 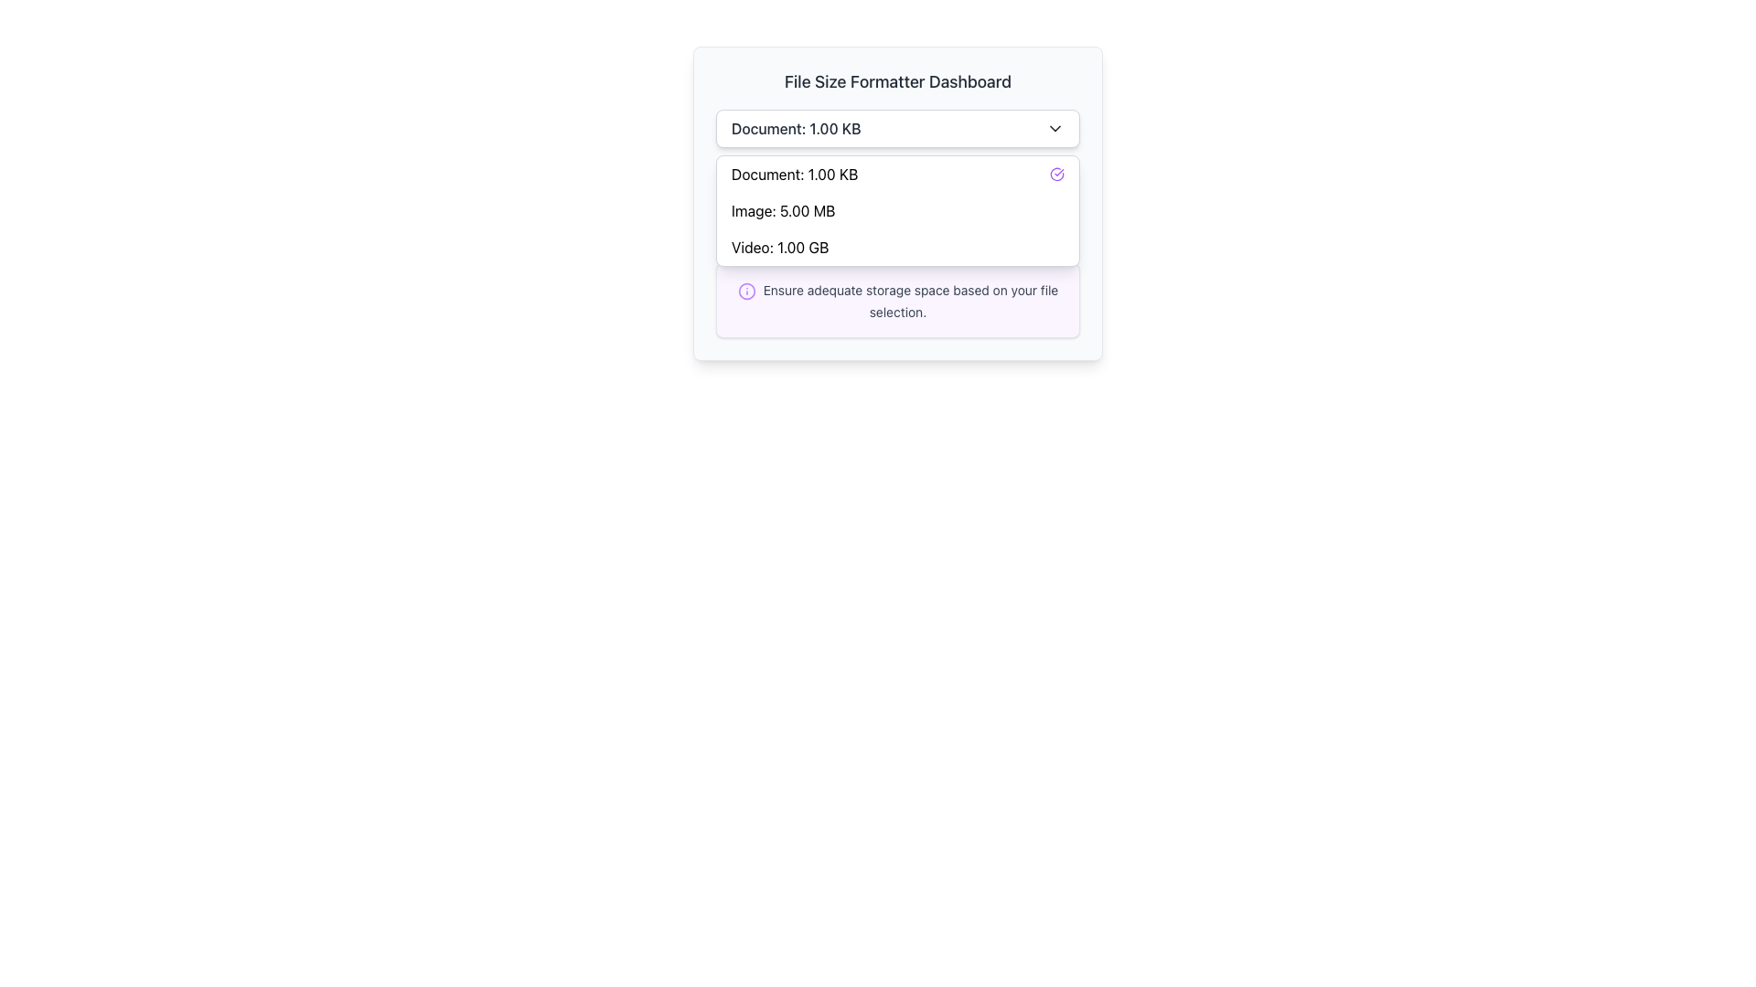 I want to click on textual content of the static text element displaying 'Video: 1.00 GB' within the dropdown menu of the 'File Size Formatter Dashboard', which is the third item in the list, so click(x=780, y=247).